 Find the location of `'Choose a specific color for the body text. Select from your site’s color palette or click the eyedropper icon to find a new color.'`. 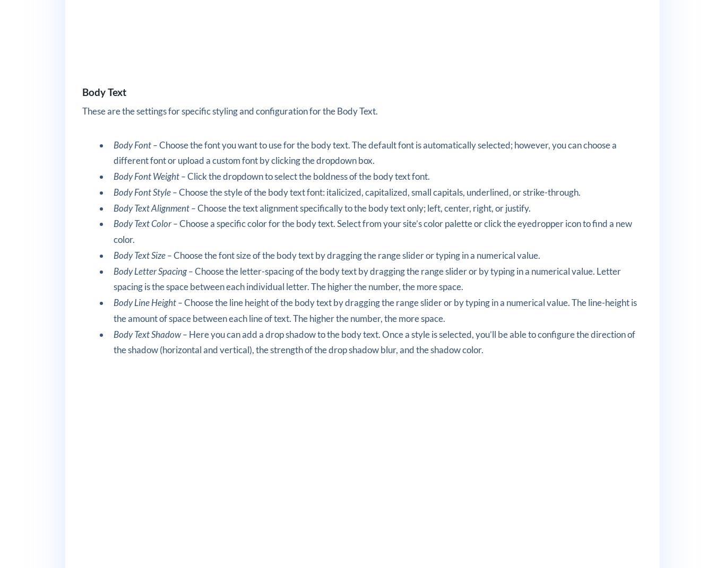

'Choose a specific color for the body text. Select from your site’s color palette or click the eyedropper icon to find a new color.' is located at coordinates (373, 231).